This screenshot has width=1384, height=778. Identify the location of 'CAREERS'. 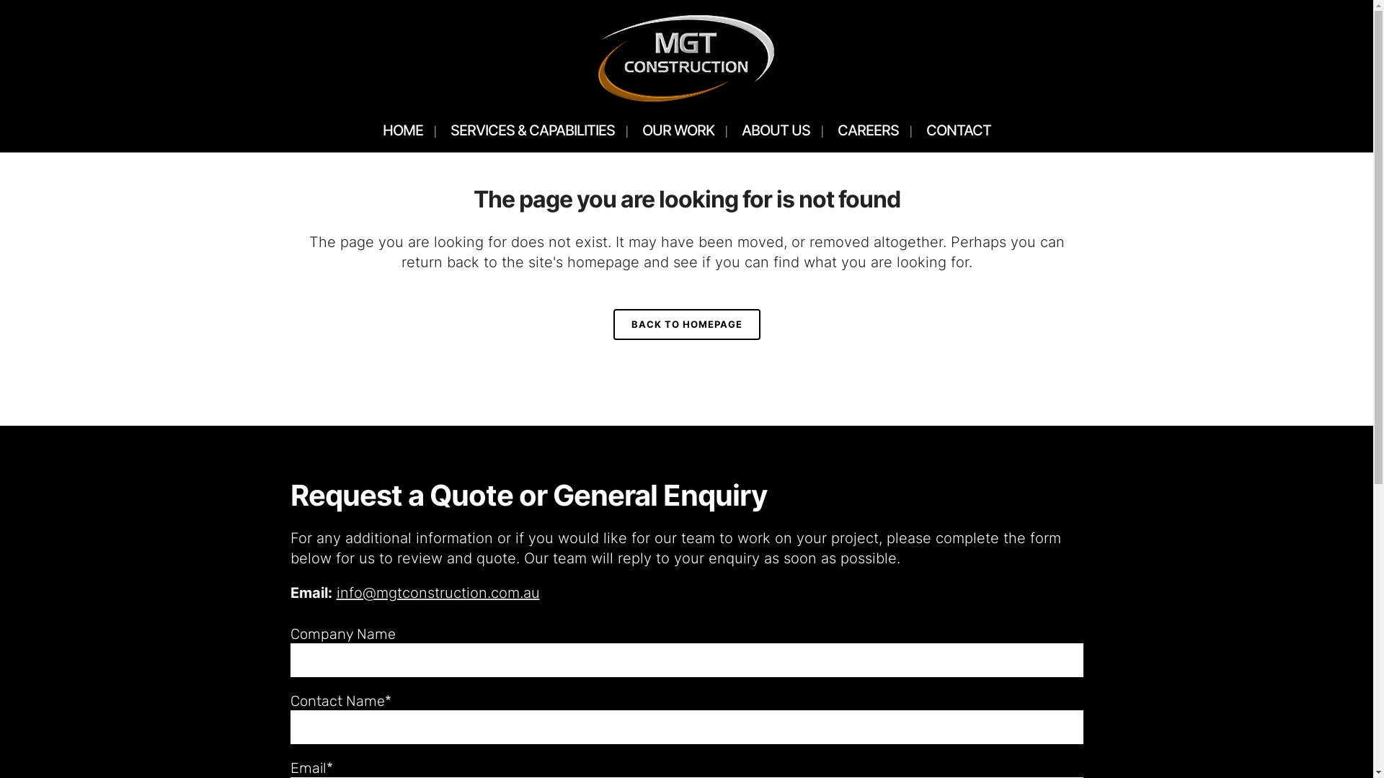
(866, 130).